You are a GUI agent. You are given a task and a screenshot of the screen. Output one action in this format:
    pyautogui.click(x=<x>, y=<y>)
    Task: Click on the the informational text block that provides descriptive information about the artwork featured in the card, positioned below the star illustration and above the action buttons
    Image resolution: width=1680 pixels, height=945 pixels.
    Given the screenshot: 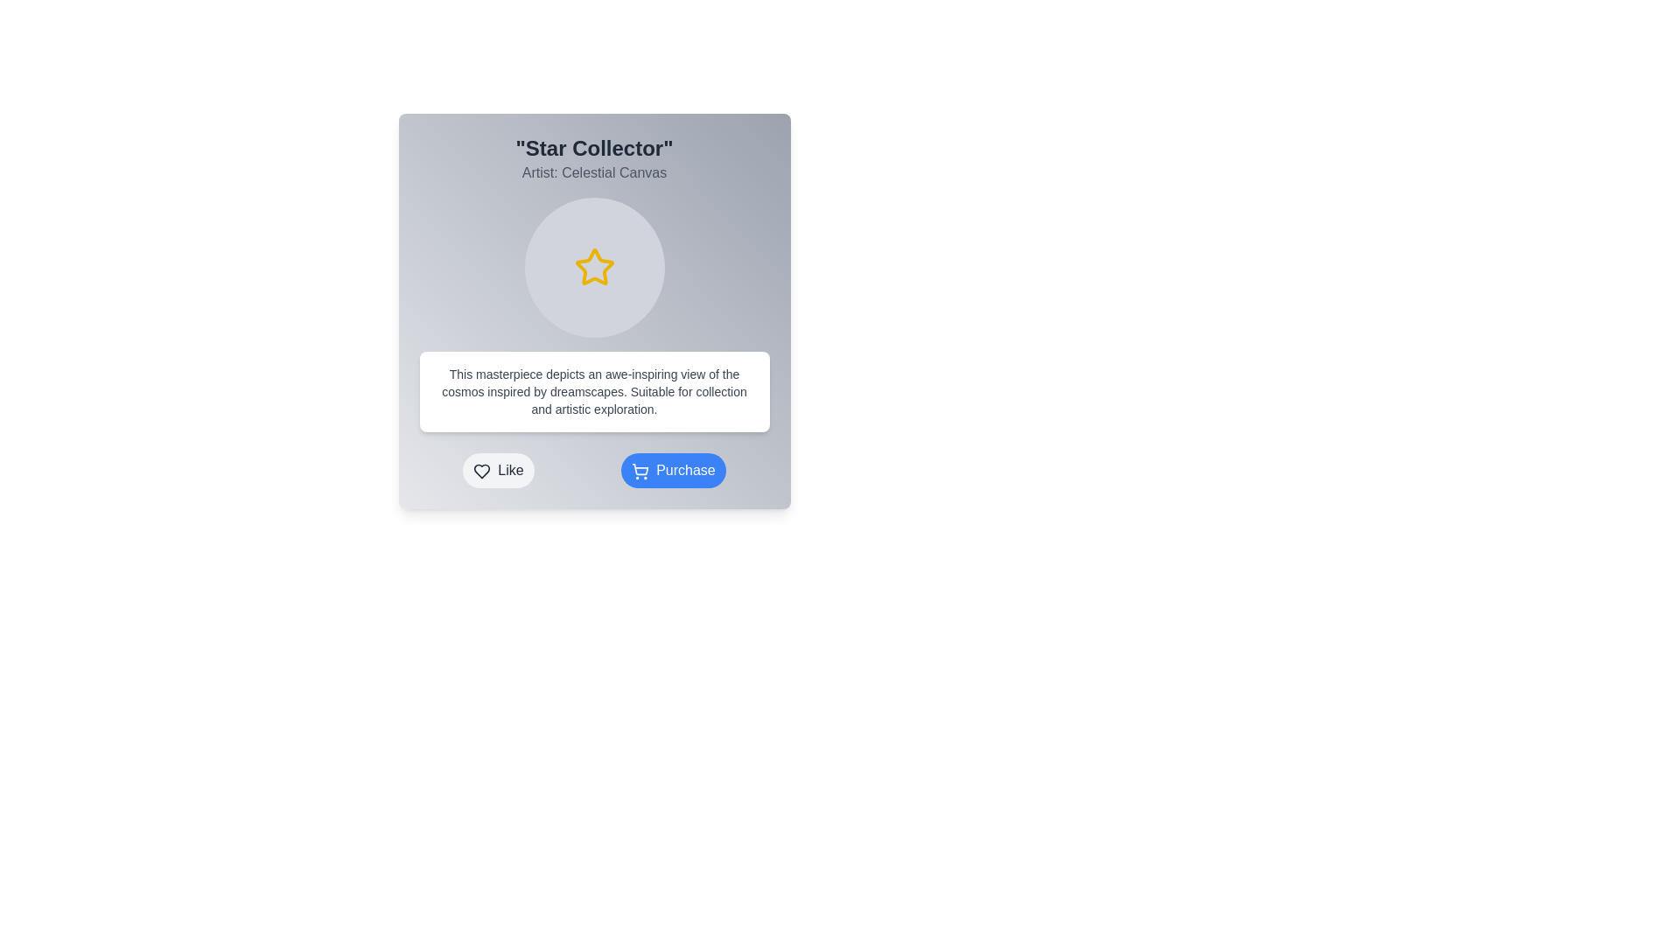 What is the action you would take?
    pyautogui.click(x=594, y=390)
    